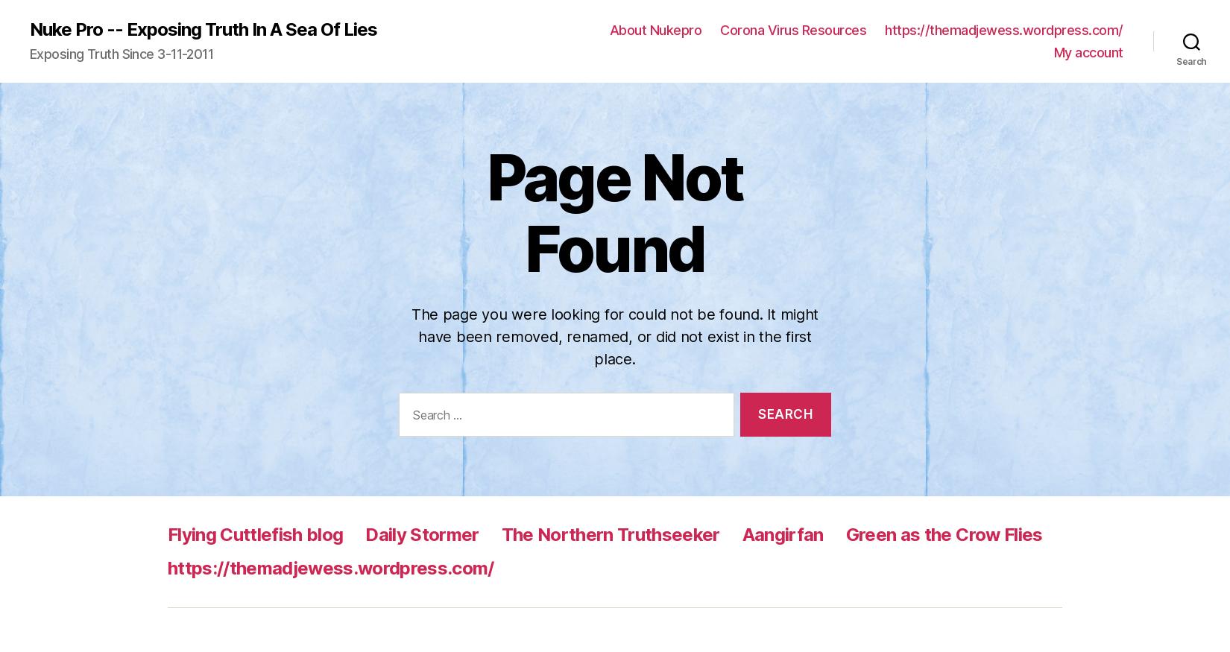 The width and height of the screenshot is (1230, 652). Describe the element at coordinates (689, 367) in the screenshot. I see `'October 2023'` at that location.